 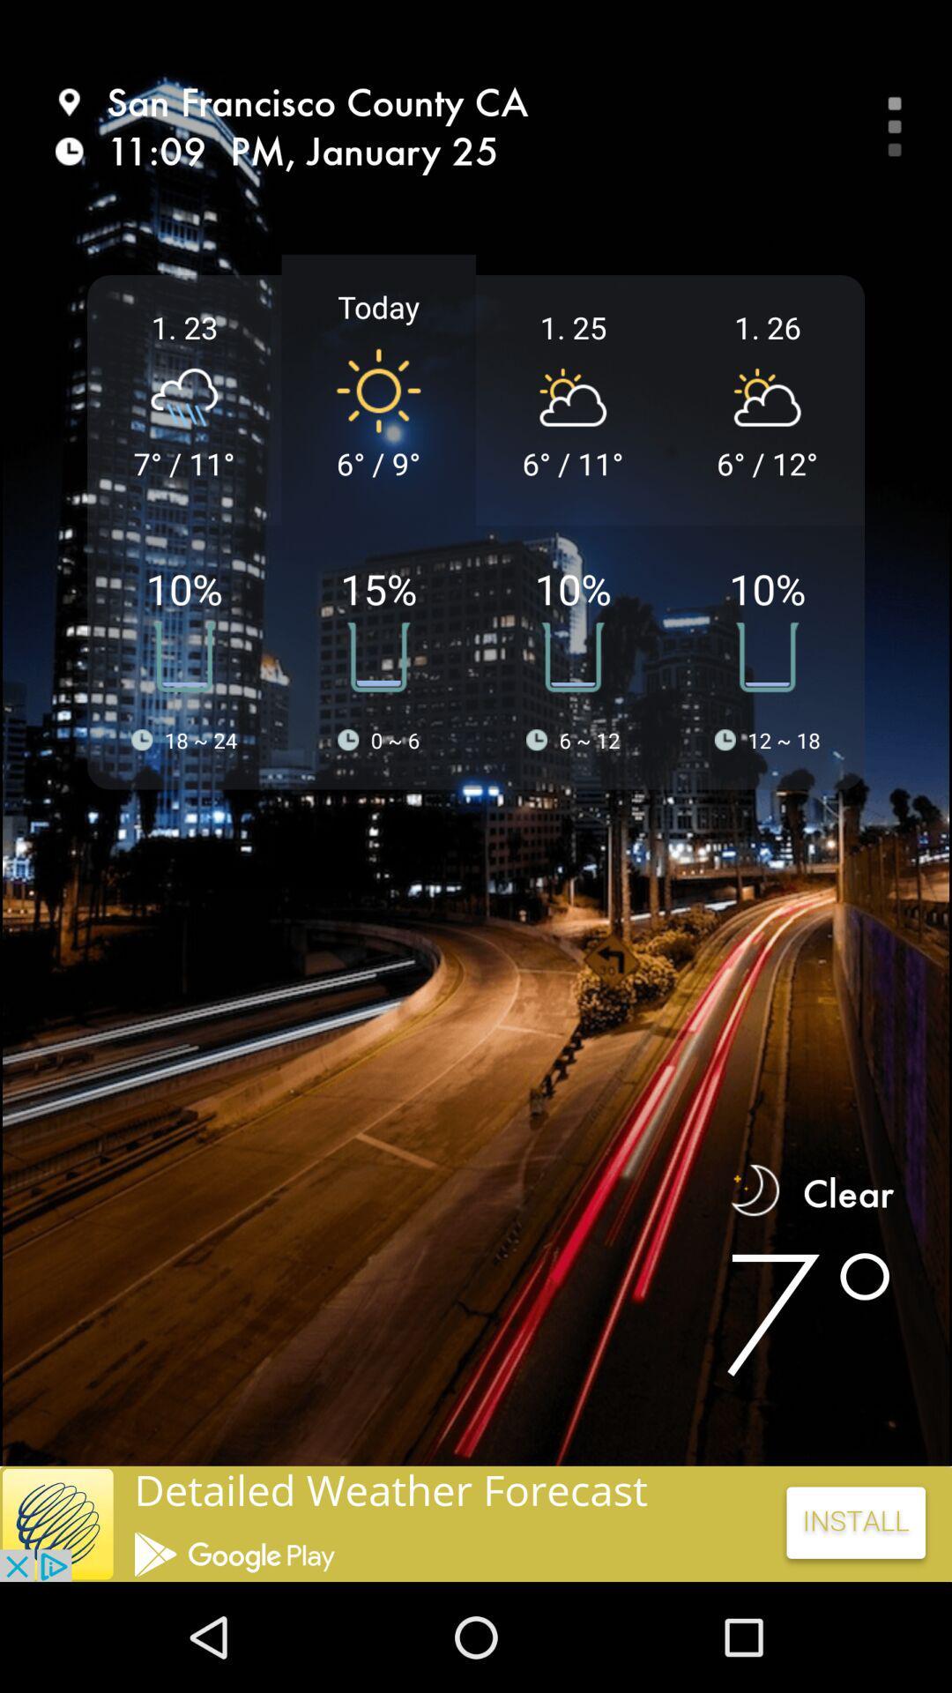 I want to click on the more icon, so click(x=894, y=126).